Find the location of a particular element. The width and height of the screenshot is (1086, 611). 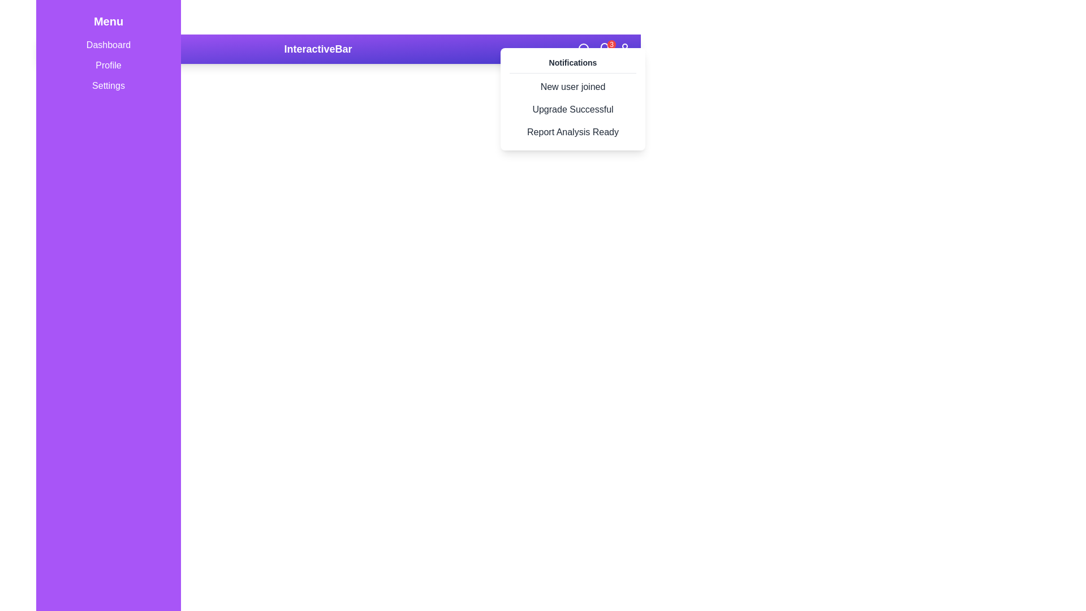

the interactive regions within the Header Bar labeled 'InteractiveBar3', which is a horizontal bar with a gradient from purple to indigo and features white bold text is located at coordinates (338, 49).